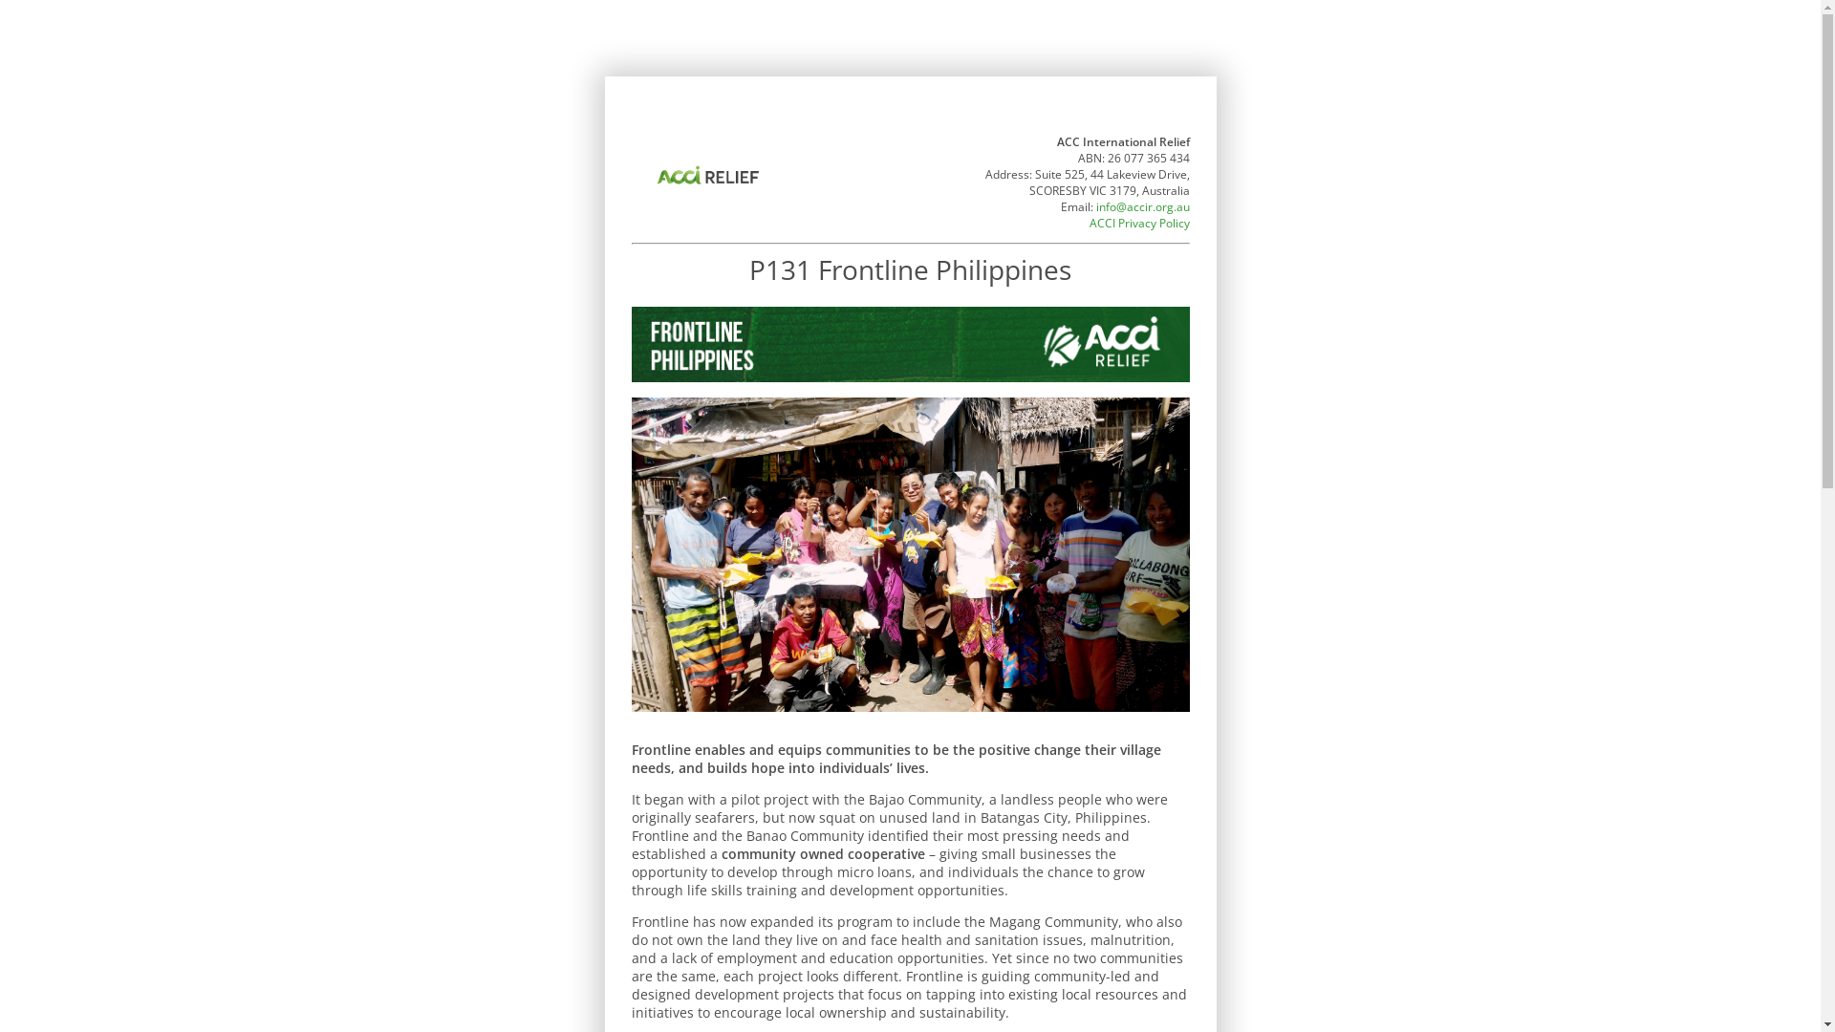  What do you see at coordinates (705, 177) in the screenshot?
I see `'ACCI Relief'` at bounding box center [705, 177].